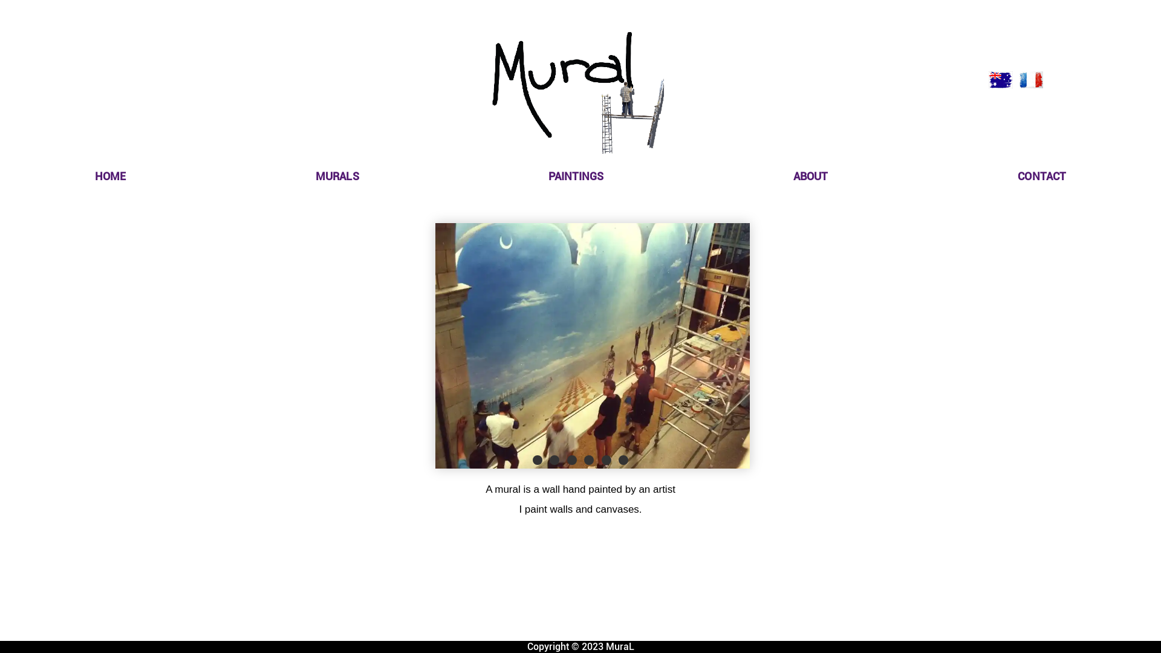 The width and height of the screenshot is (1161, 653). What do you see at coordinates (810, 176) in the screenshot?
I see `'ABOUT'` at bounding box center [810, 176].